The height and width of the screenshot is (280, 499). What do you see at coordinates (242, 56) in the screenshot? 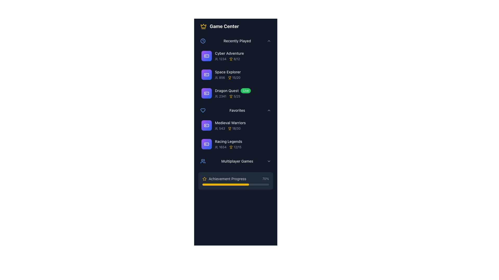
I see `the List item displaying 'Cyber Adventure' in the 'Recently Played' category` at bounding box center [242, 56].